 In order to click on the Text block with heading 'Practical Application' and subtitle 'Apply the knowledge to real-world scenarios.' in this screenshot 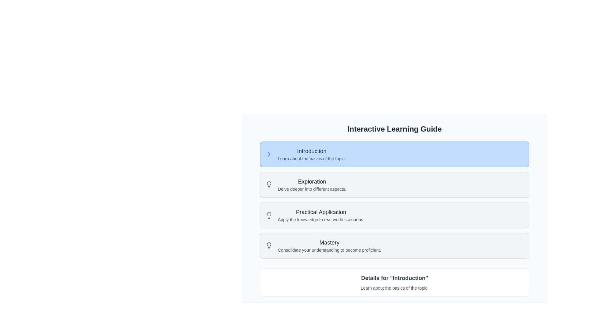, I will do `click(321, 215)`.